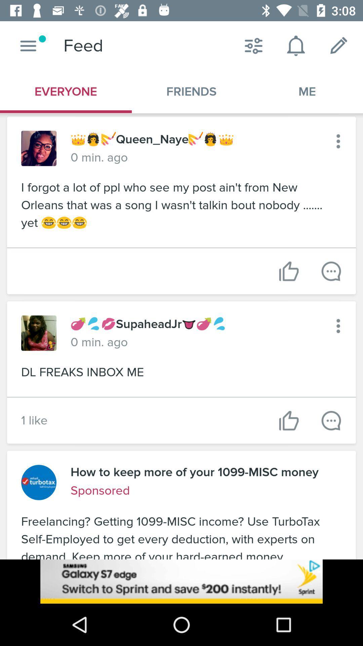 The image size is (363, 646). Describe the element at coordinates (331, 271) in the screenshot. I see `share comments` at that location.